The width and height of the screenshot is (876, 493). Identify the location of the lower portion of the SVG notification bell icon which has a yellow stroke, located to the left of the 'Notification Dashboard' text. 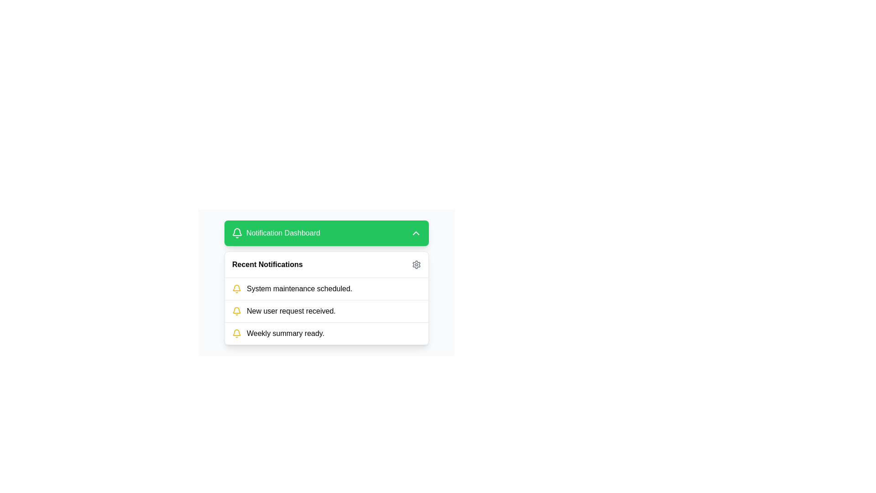
(236, 332).